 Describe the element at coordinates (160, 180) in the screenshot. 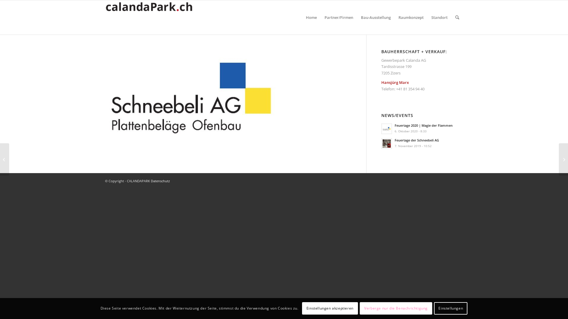

I see `'Datenschutz'` at that location.